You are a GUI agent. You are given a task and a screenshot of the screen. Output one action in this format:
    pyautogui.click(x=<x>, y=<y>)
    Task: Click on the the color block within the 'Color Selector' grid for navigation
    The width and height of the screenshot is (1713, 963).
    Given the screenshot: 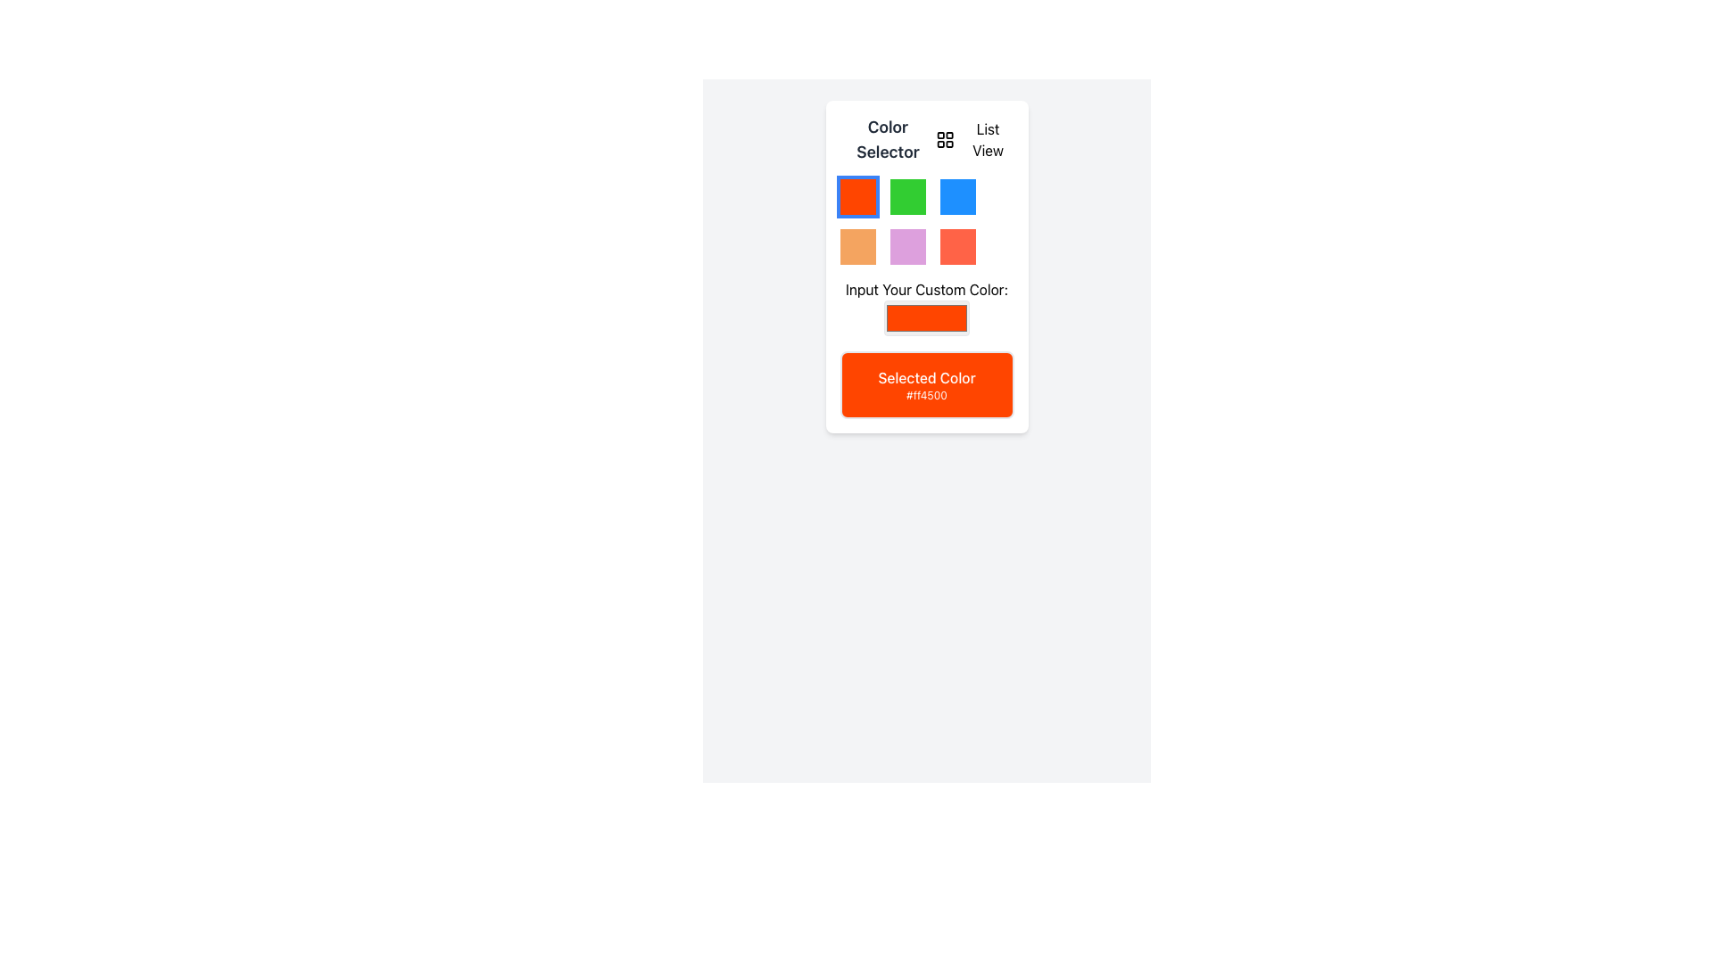 What is the action you would take?
    pyautogui.click(x=926, y=221)
    